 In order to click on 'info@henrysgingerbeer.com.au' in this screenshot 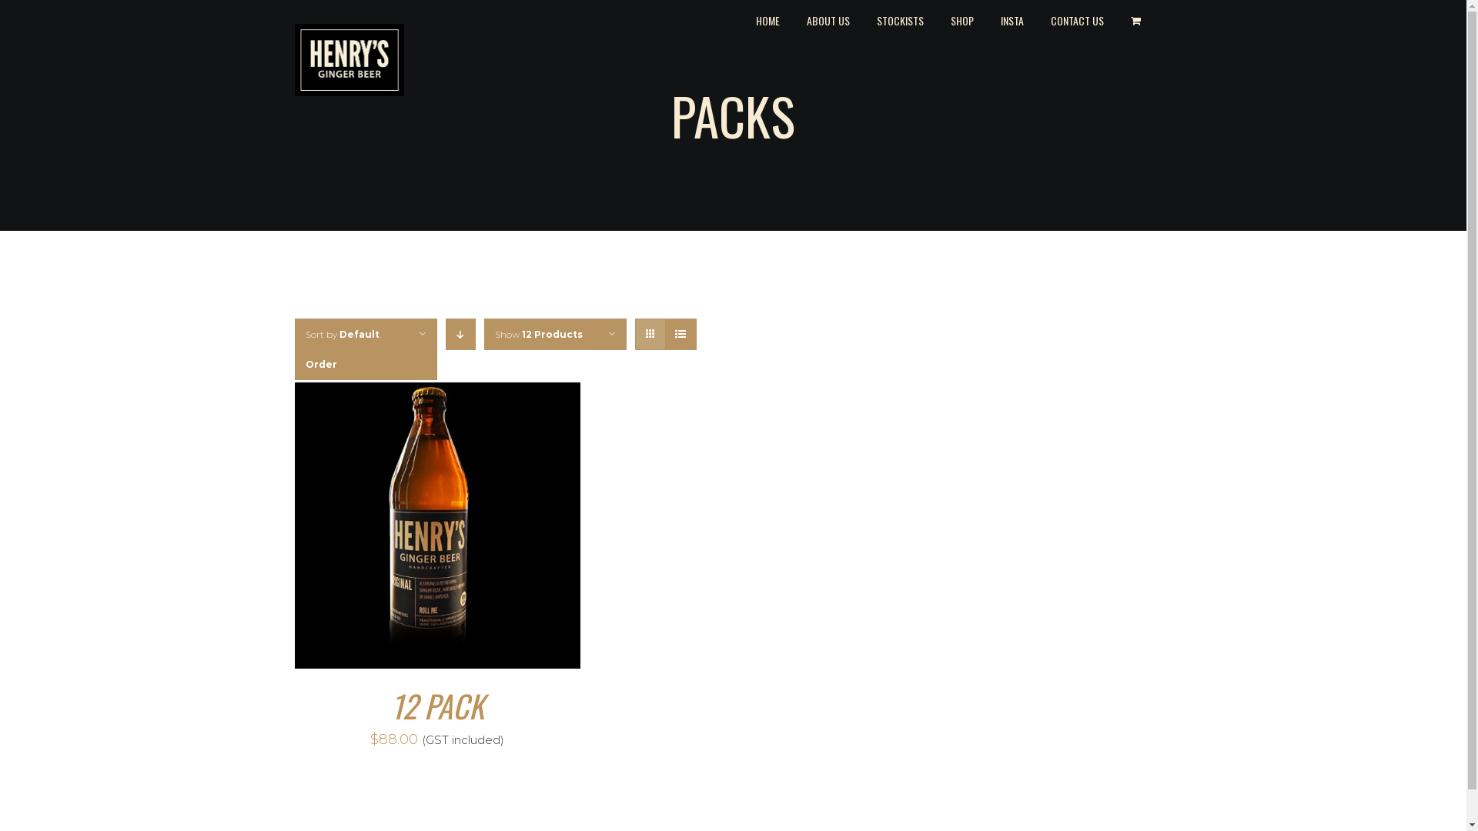, I will do `click(732, 494)`.